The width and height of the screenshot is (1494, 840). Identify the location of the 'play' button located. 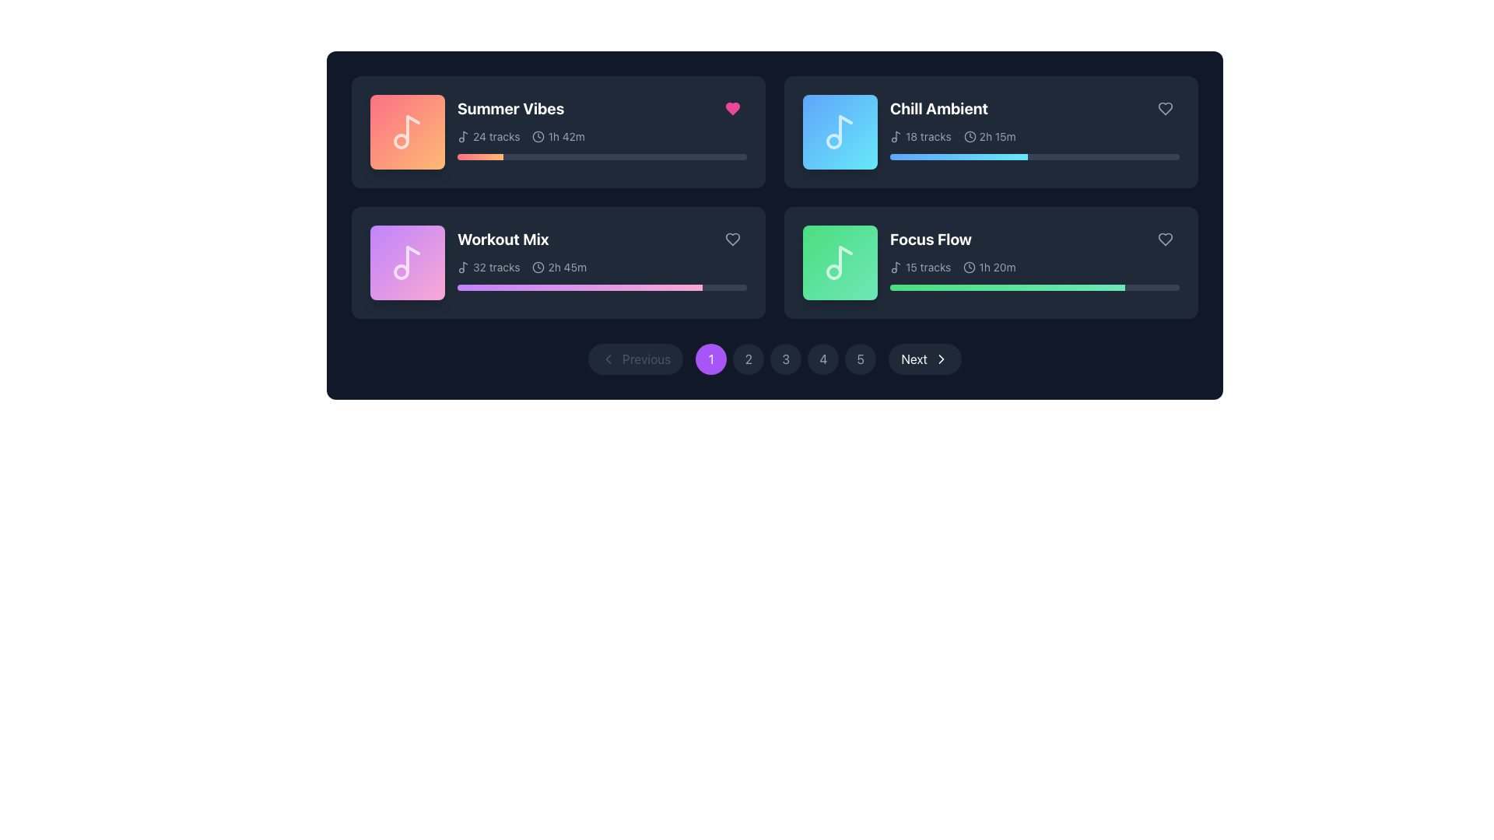
(409, 131).